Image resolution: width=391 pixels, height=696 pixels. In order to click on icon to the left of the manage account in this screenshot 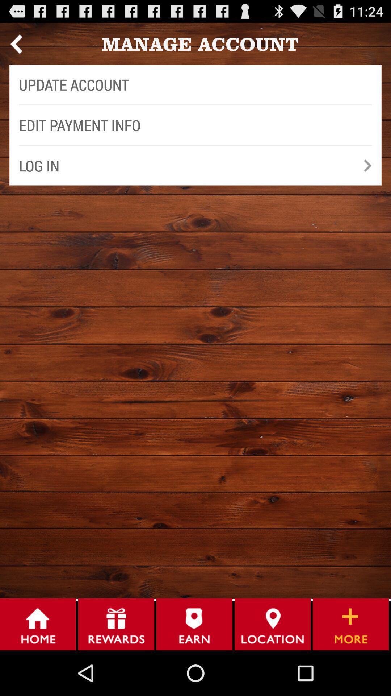, I will do `click(16, 43)`.